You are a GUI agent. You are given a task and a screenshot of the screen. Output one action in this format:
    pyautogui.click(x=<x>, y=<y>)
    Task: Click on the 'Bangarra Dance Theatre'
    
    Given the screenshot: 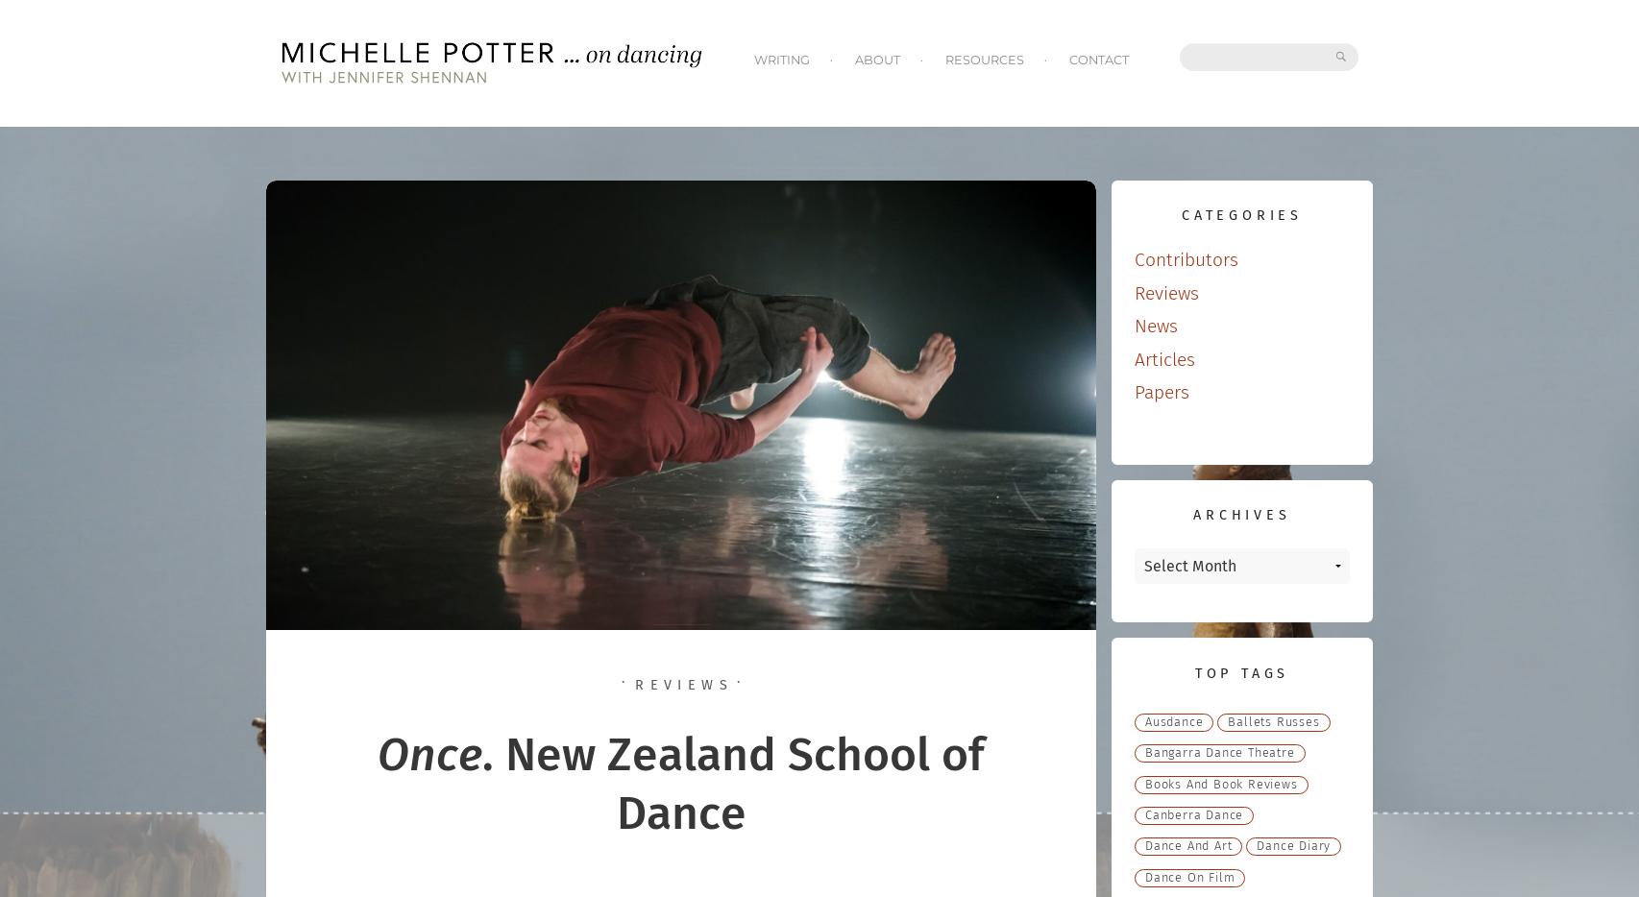 What is the action you would take?
    pyautogui.click(x=1219, y=752)
    